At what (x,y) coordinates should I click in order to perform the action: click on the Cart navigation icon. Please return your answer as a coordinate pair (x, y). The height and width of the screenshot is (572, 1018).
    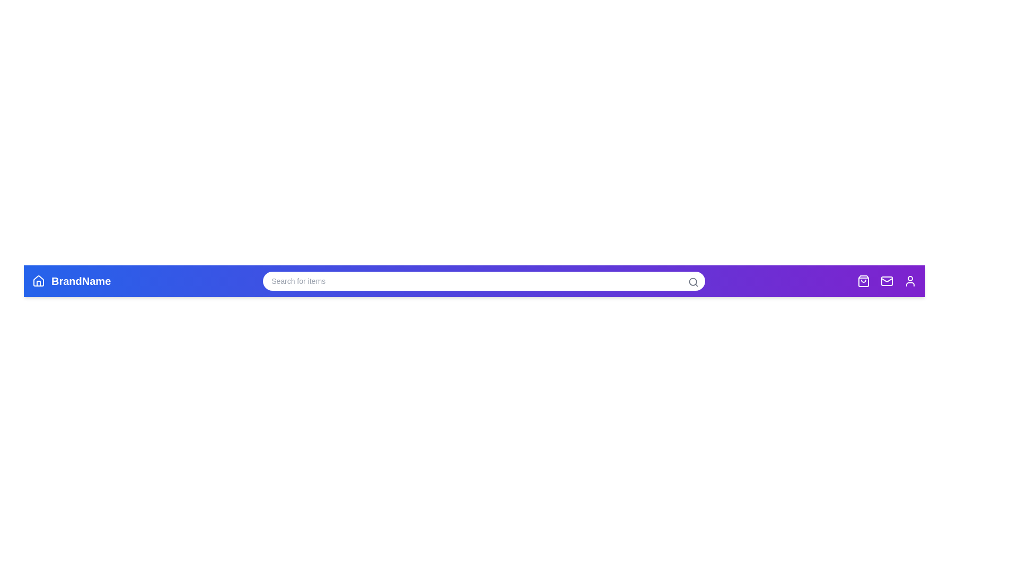
    Looking at the image, I should click on (863, 281).